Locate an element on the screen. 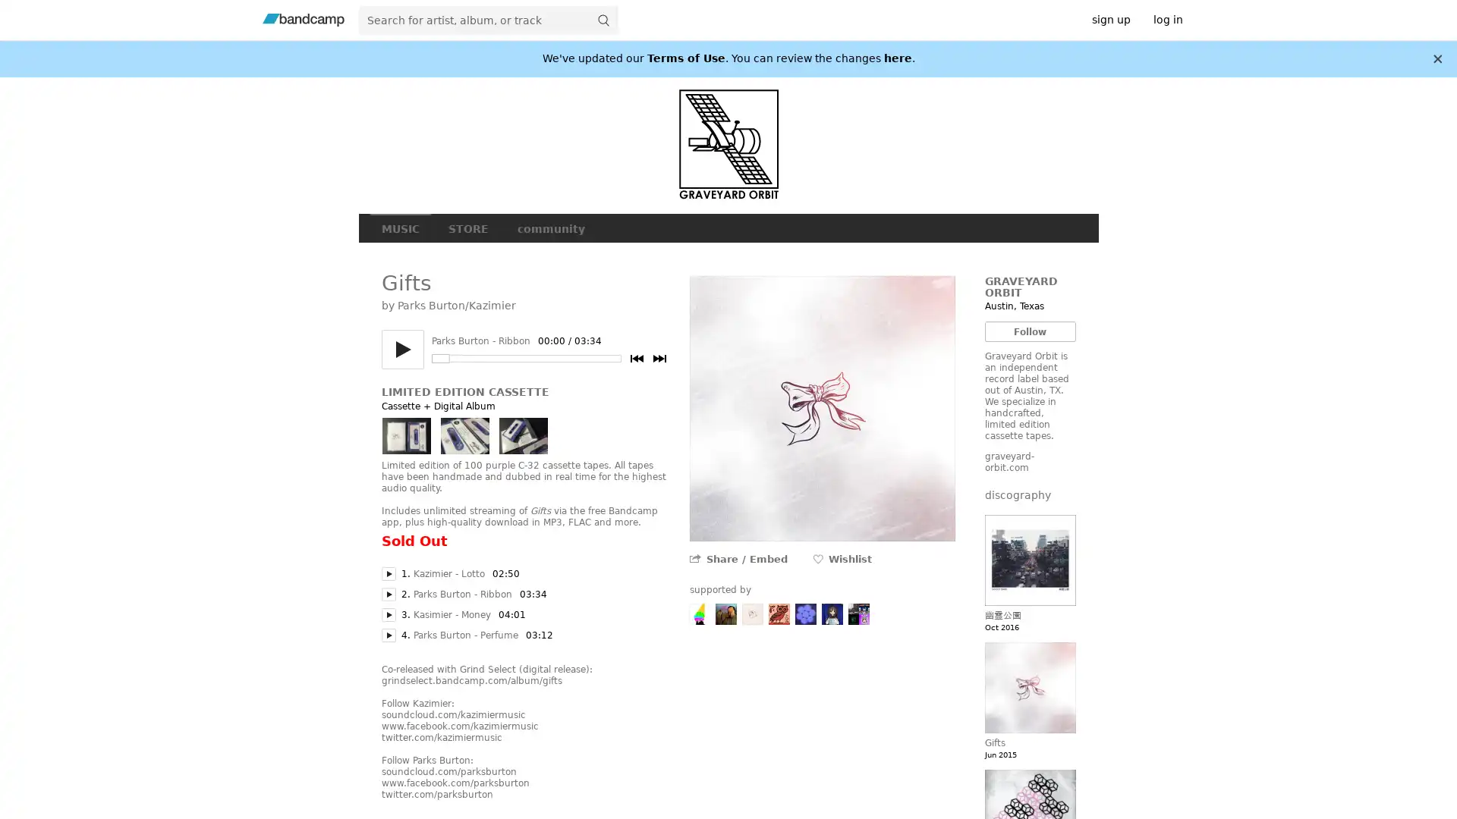 The width and height of the screenshot is (1457, 819). Share / Embed is located at coordinates (746, 559).